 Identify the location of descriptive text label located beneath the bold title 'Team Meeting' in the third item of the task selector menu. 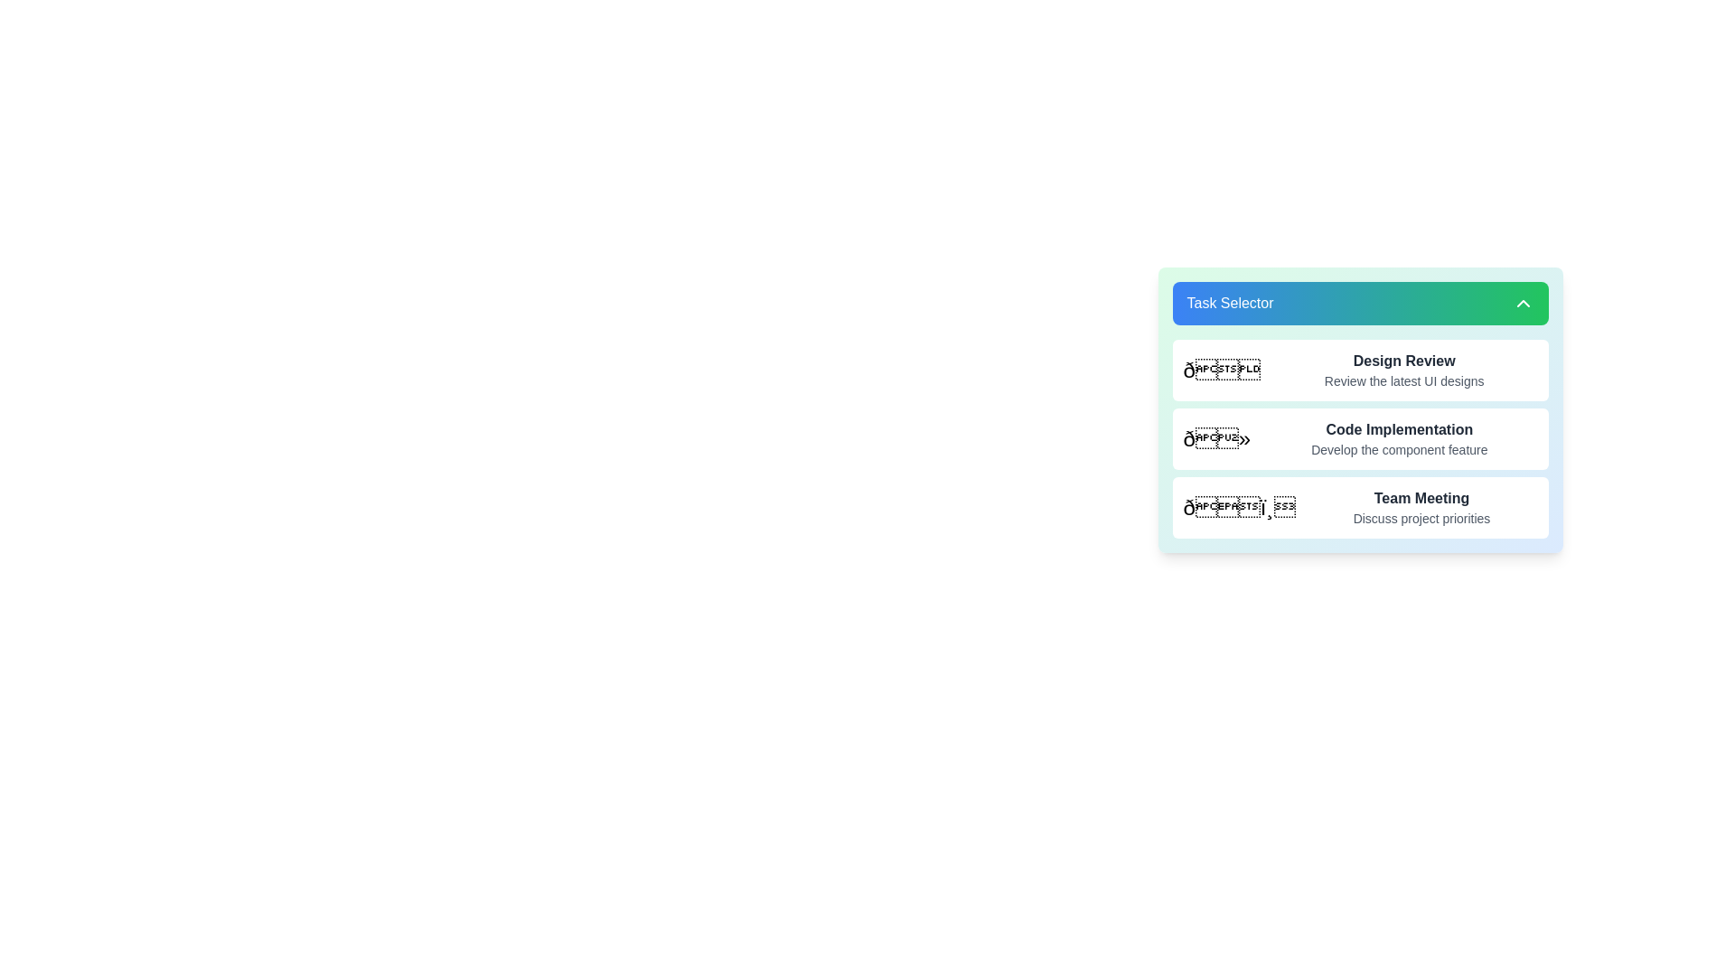
(1421, 519).